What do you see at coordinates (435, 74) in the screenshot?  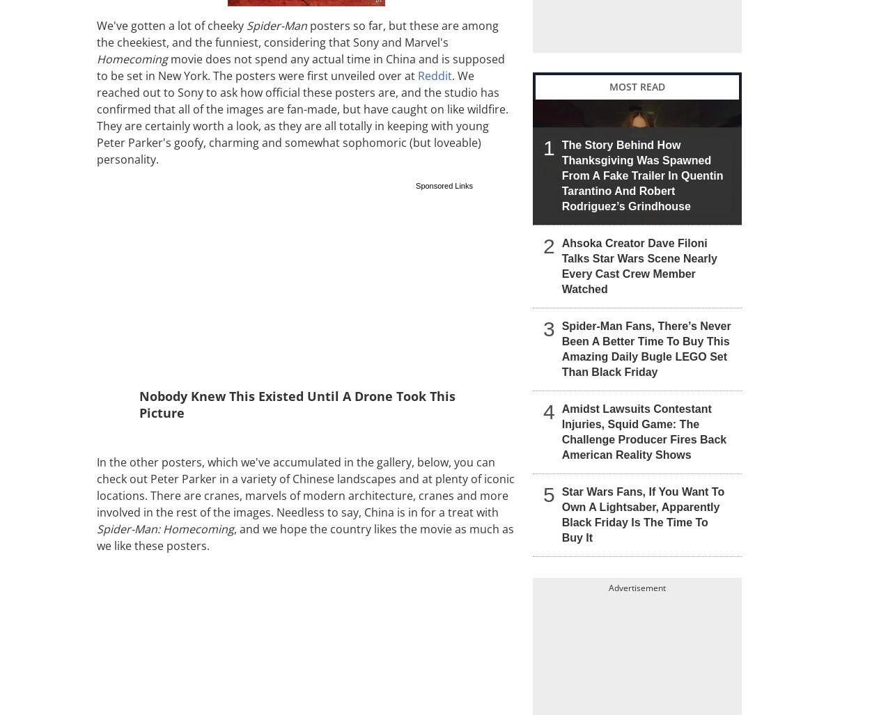 I see `'Reddit'` at bounding box center [435, 74].